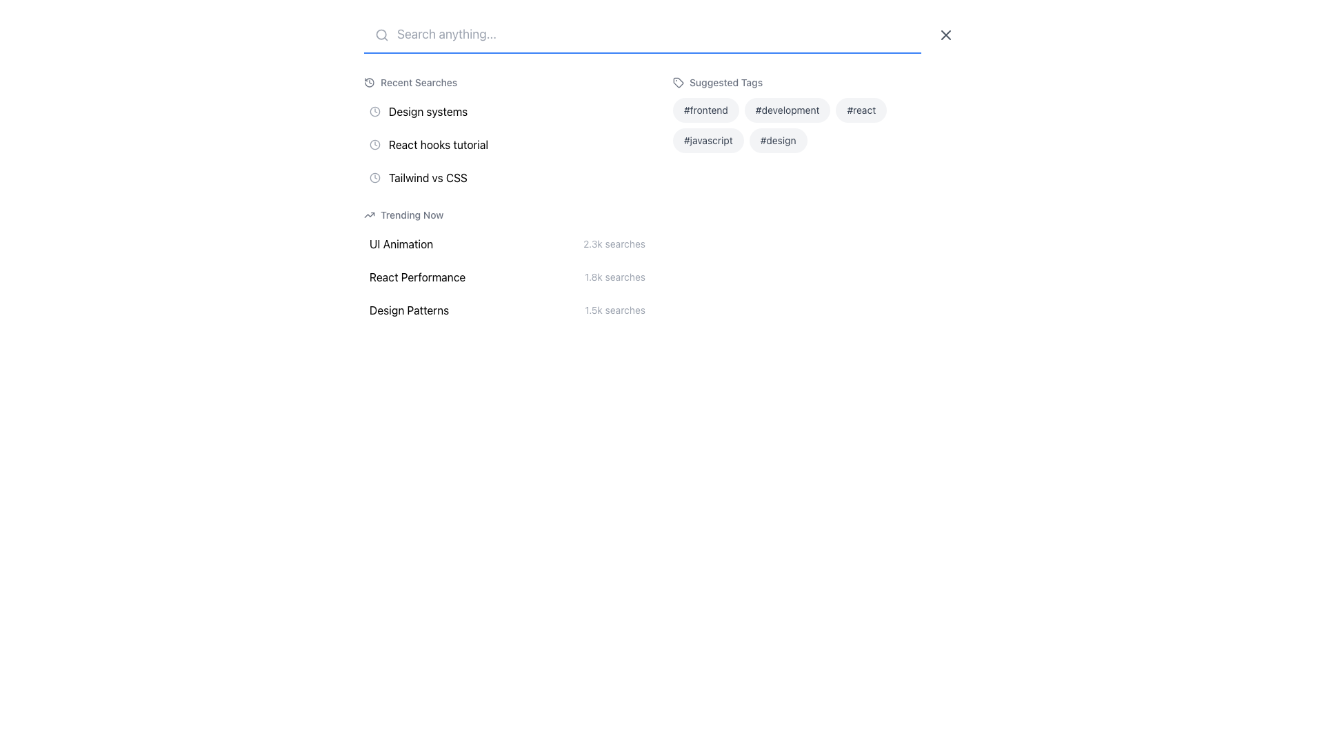 The width and height of the screenshot is (1324, 745). I want to click on the second item in the 'Recent Searches' section, which links to the 'React hooks tutorial', so click(506, 144).